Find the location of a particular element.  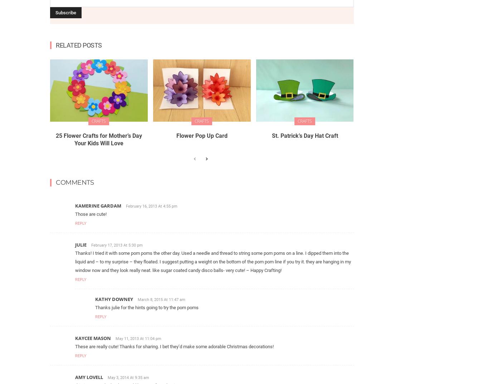

'Kamerine Gardam' is located at coordinates (98, 205).